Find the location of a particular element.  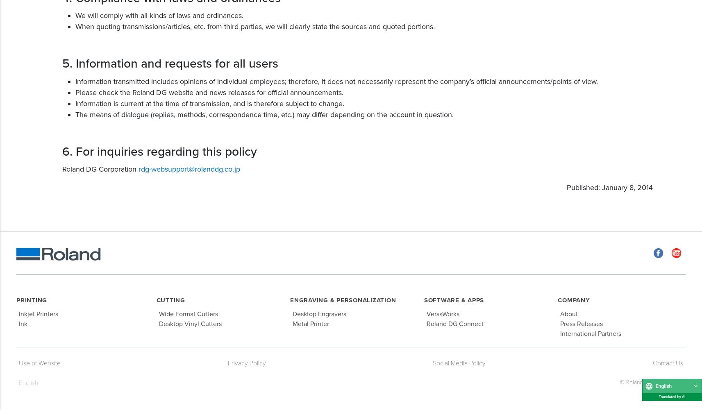

'Roland DG Corporation' is located at coordinates (100, 169).